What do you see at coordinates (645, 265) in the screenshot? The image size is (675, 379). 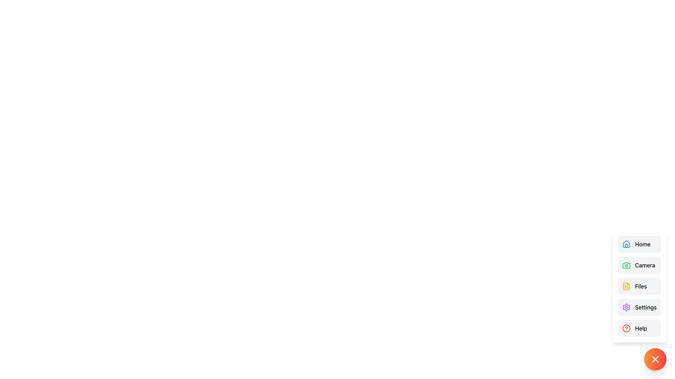 I see `the 'Camera' text label, which is styled with a medium font weight and positioned next to a camera icon in a vertically aligned menu` at bounding box center [645, 265].